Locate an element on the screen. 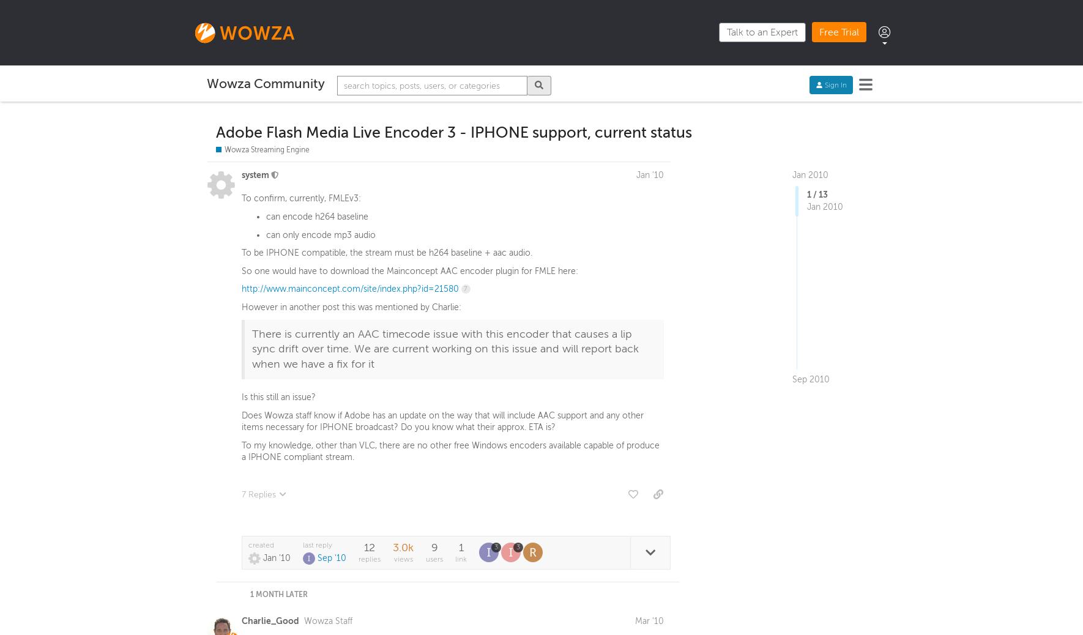  '7 Replies' is located at coordinates (258, 497).